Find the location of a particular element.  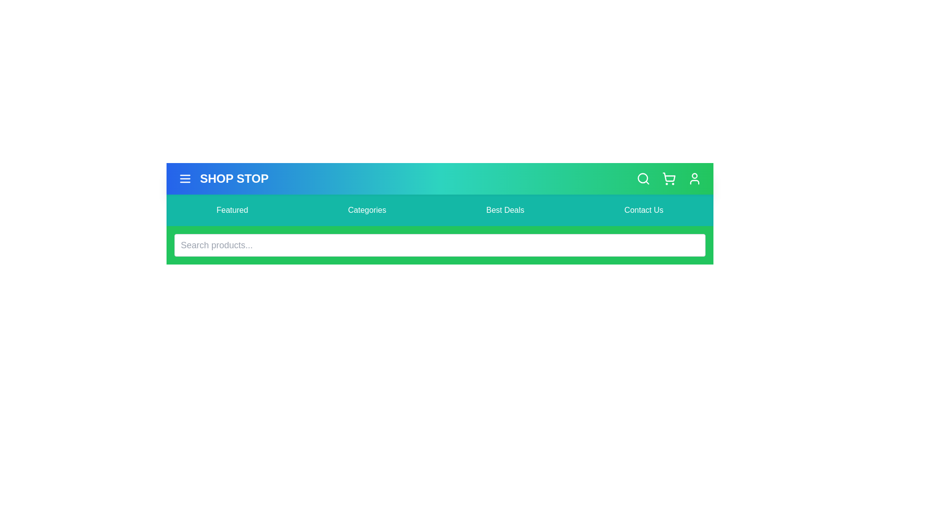

the menu item labeled Categories in the navigation bar is located at coordinates (366, 210).